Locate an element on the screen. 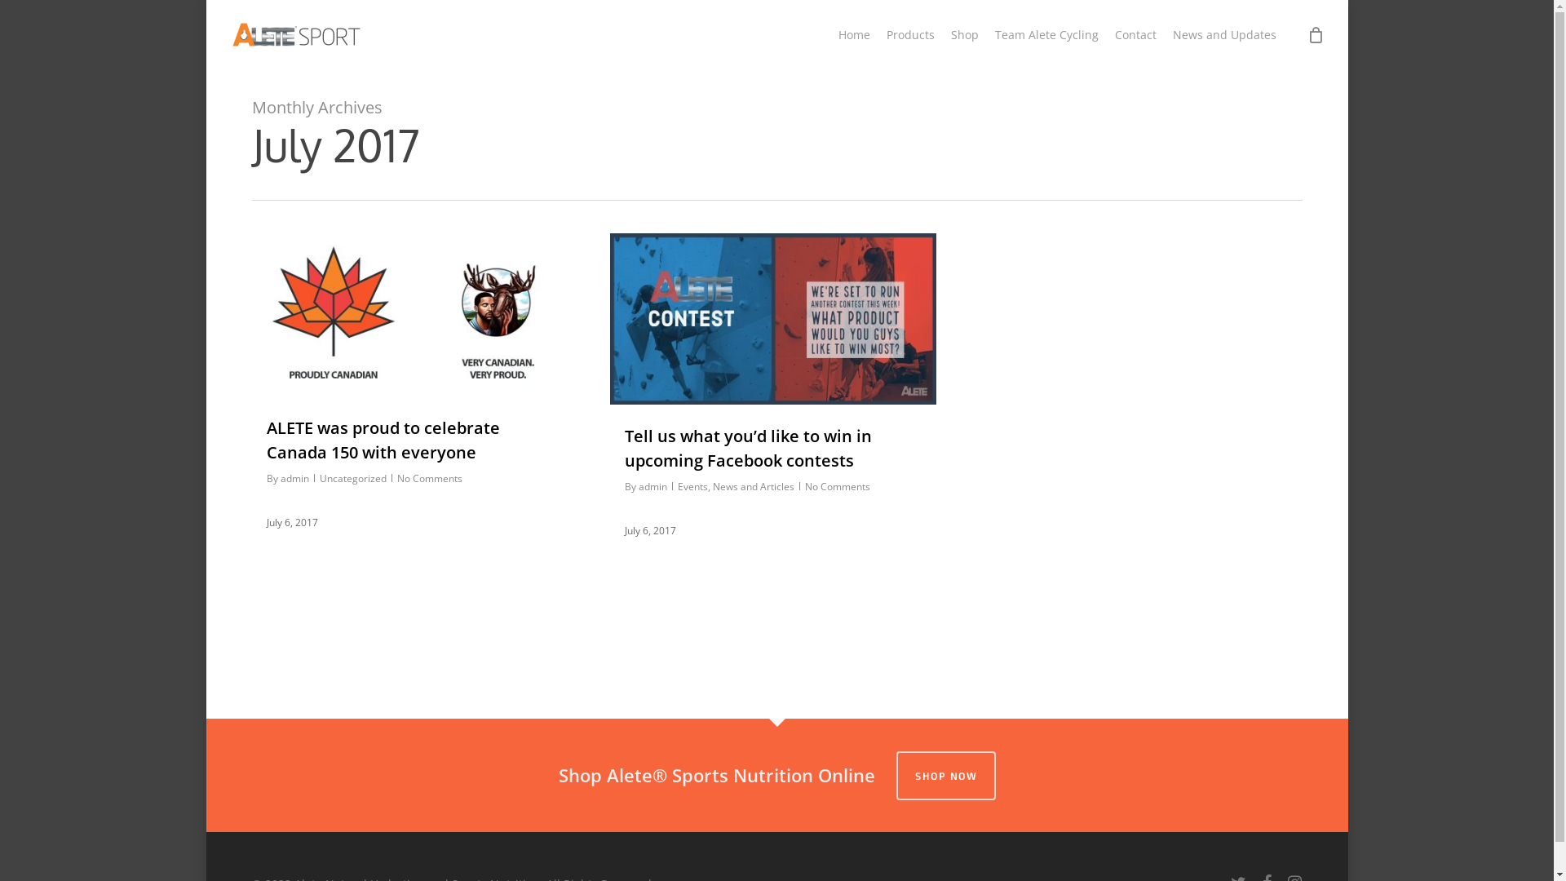 This screenshot has width=1566, height=881. 'News and Articles' is located at coordinates (753, 485).